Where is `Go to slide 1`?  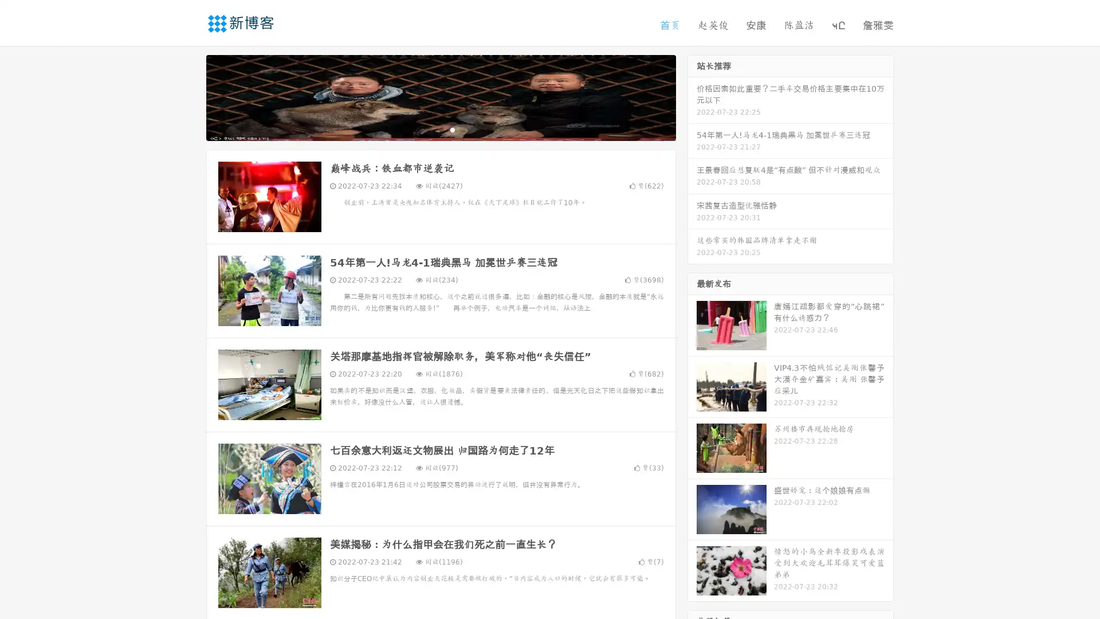
Go to slide 1 is located at coordinates (429, 129).